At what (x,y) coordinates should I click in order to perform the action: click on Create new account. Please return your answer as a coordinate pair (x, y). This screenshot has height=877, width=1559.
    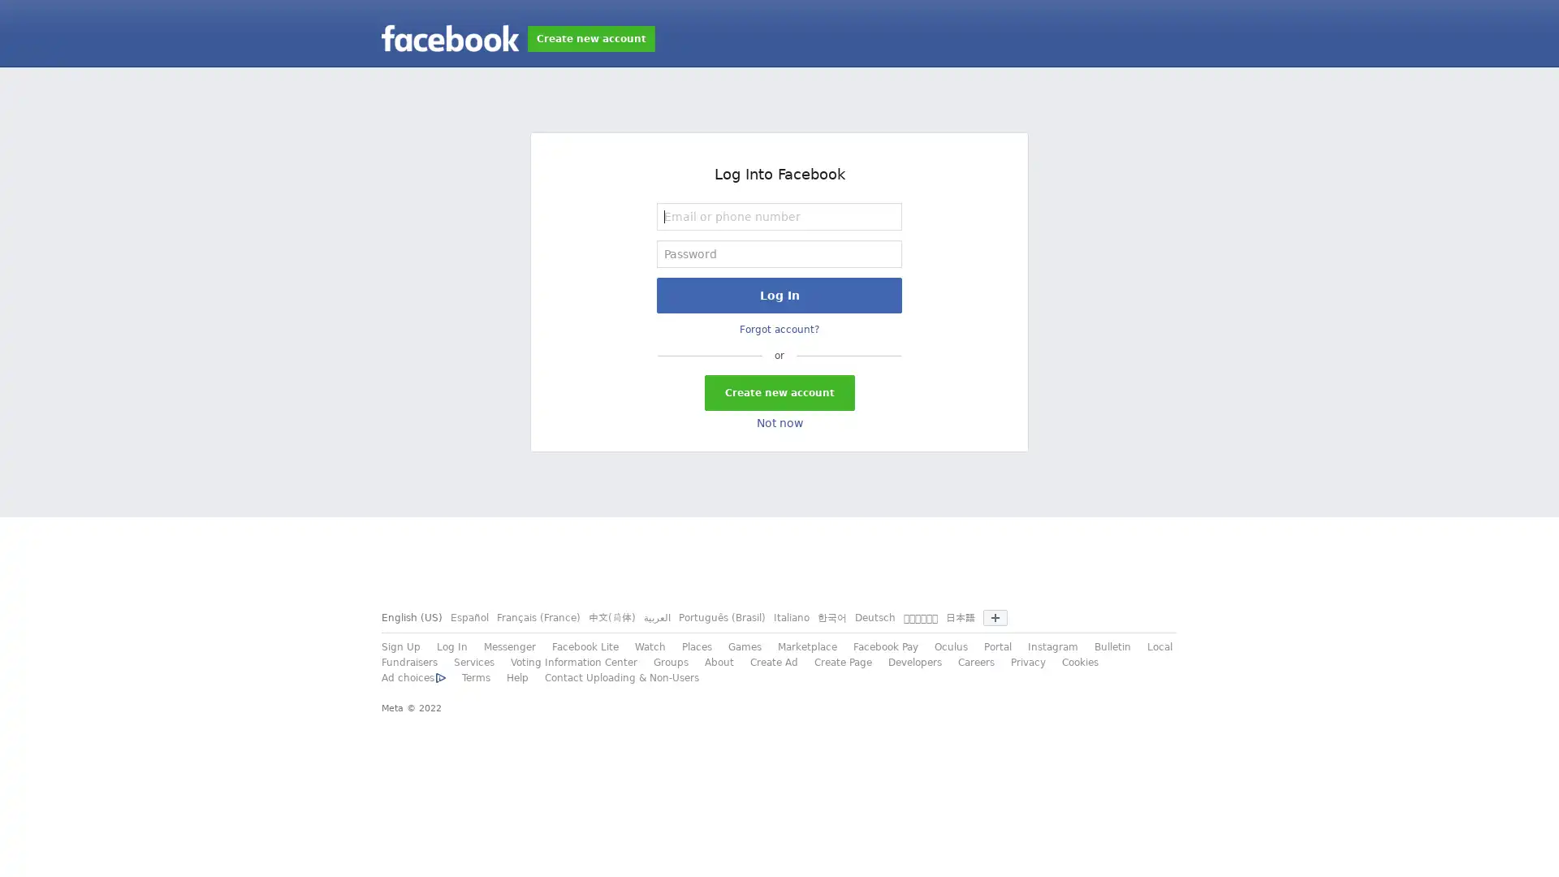
    Looking at the image, I should click on (590, 37).